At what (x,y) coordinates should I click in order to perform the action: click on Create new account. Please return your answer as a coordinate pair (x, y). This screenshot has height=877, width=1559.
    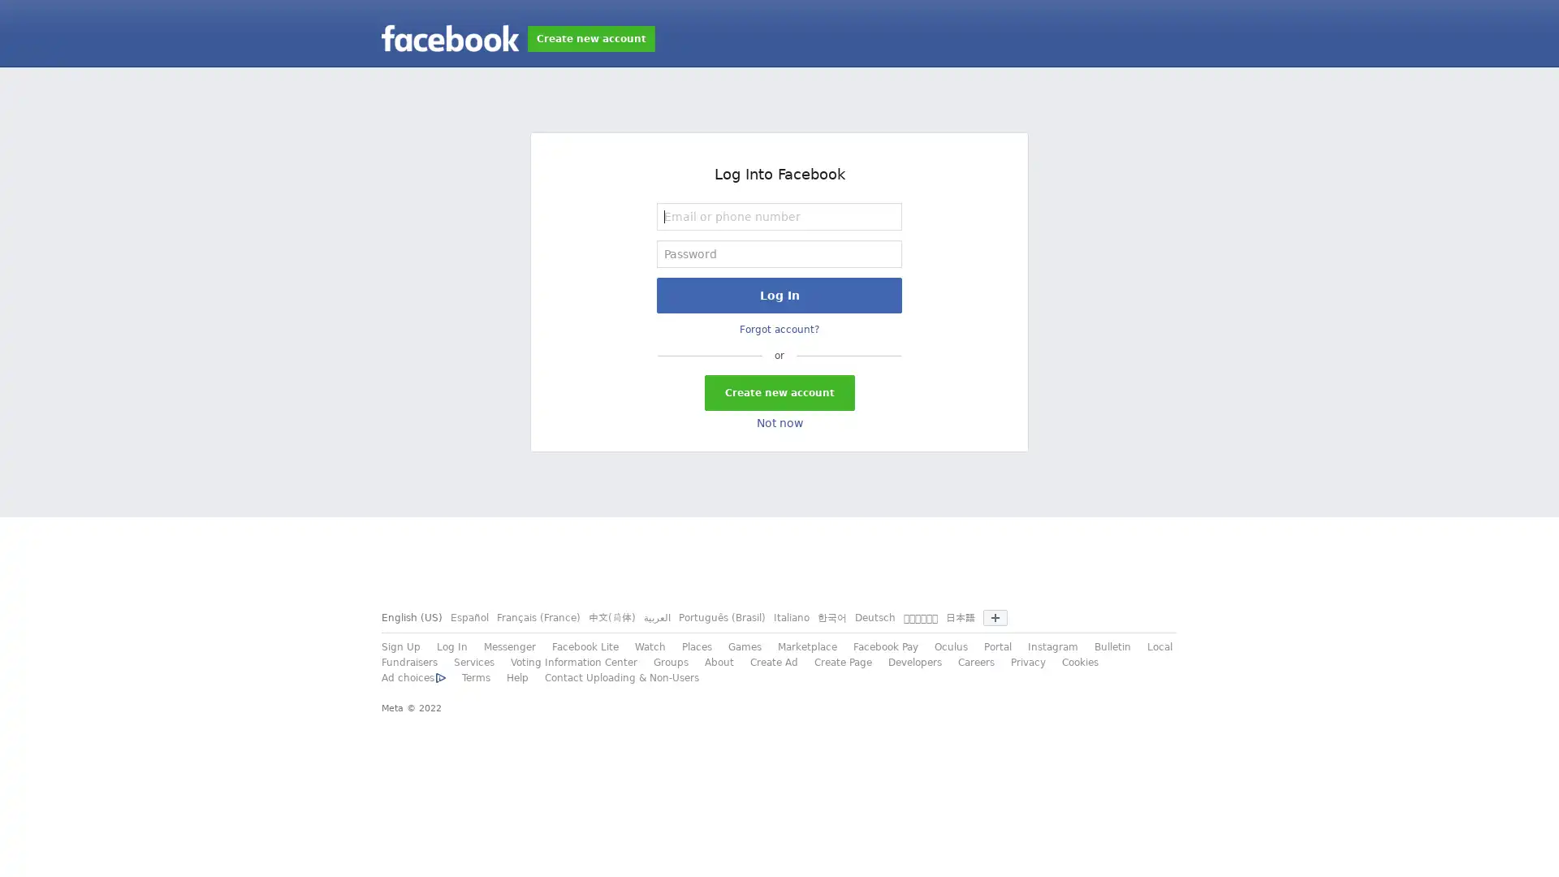
    Looking at the image, I should click on (590, 37).